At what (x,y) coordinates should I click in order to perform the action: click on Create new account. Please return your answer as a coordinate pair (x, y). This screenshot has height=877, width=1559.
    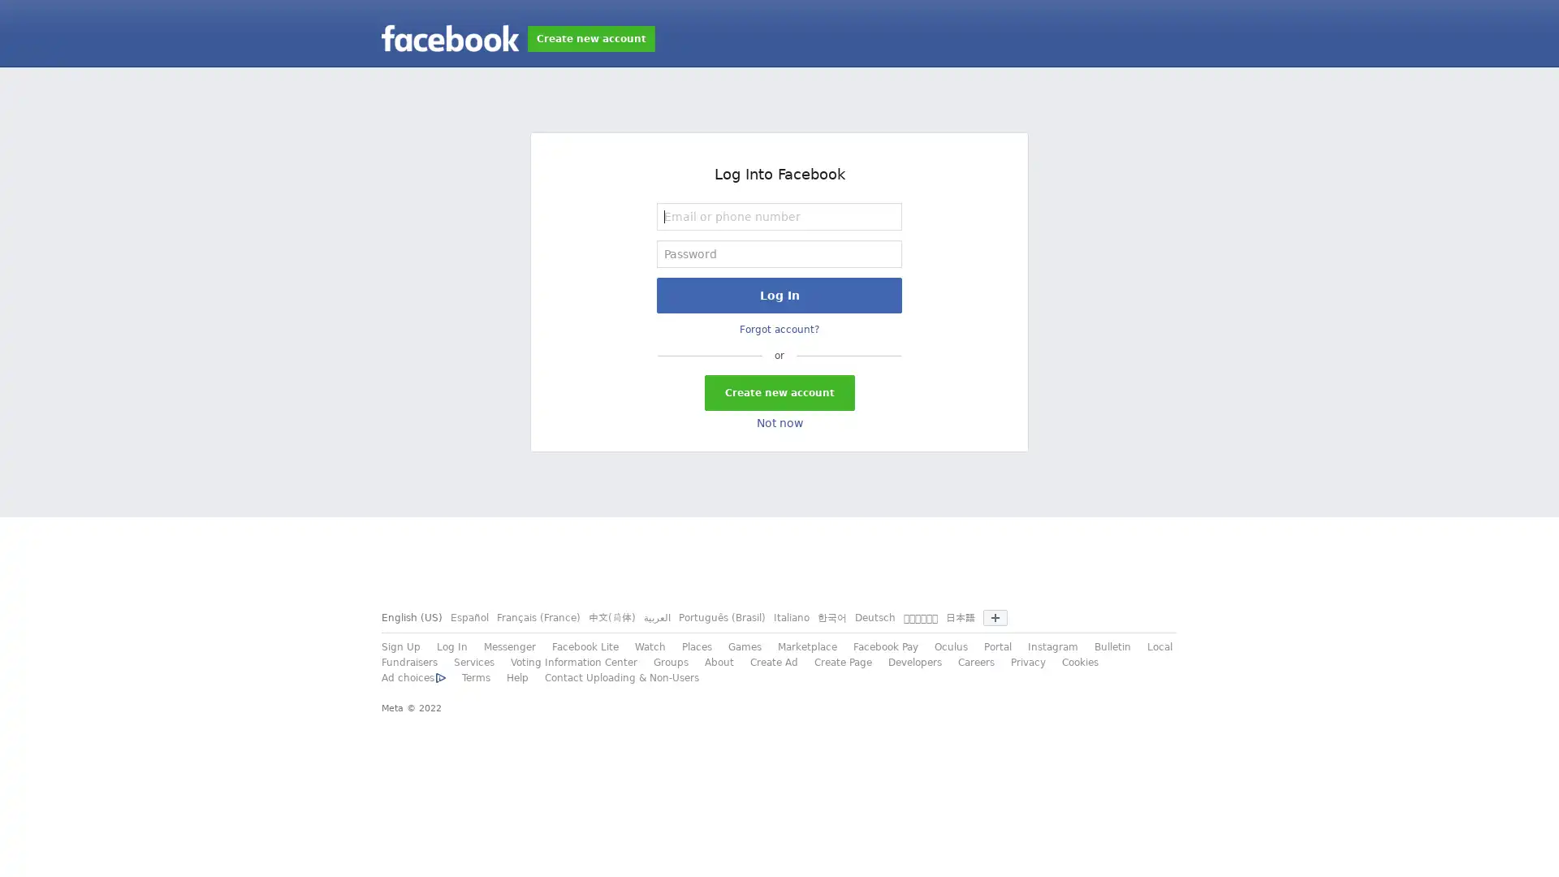
    Looking at the image, I should click on (590, 37).